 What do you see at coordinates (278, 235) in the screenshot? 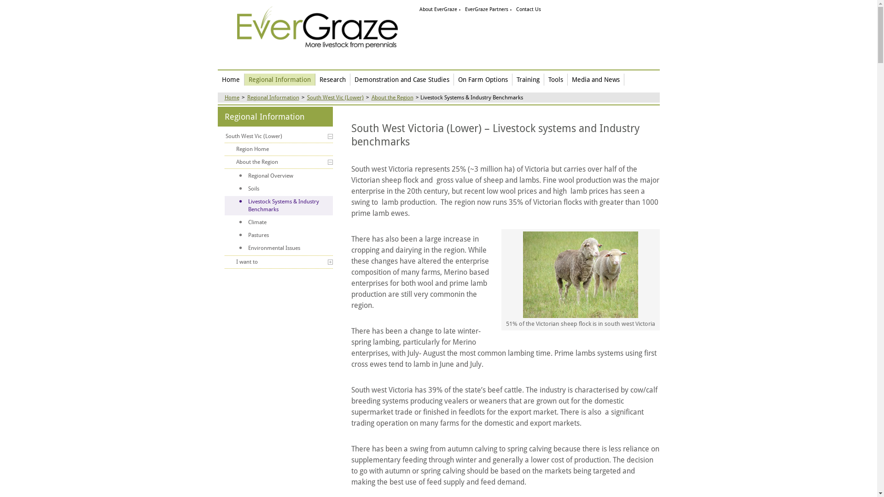
I see `'Pastures'` at bounding box center [278, 235].